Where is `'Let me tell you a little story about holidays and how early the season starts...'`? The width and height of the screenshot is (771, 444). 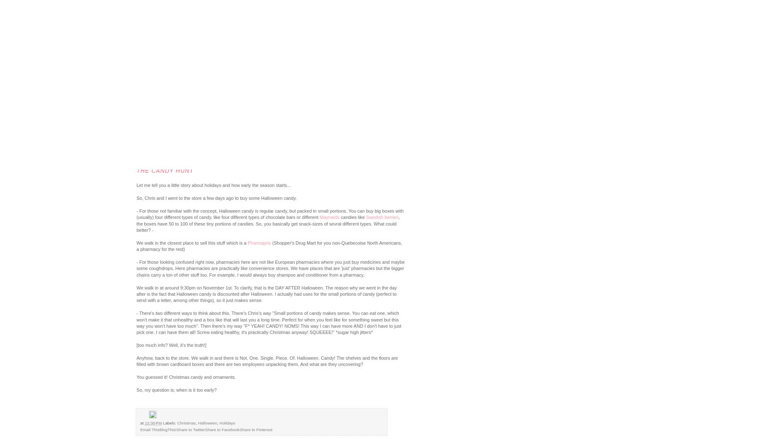 'Let me tell you a little story about holidays and how early the season starts...' is located at coordinates (213, 184).